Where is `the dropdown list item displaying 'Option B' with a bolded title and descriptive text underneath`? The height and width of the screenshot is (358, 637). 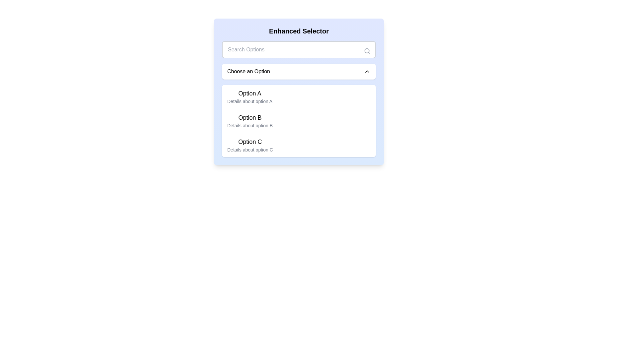 the dropdown list item displaying 'Option B' with a bolded title and descriptive text underneath is located at coordinates (249, 121).